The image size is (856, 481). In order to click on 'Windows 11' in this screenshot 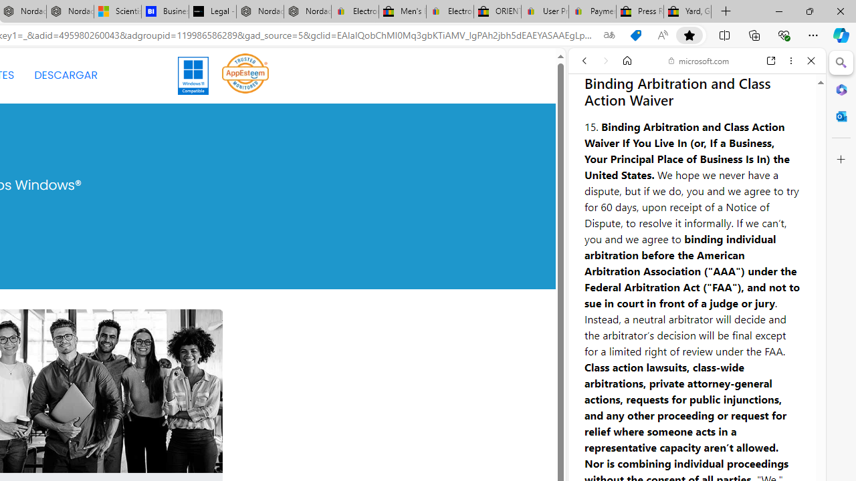, I will do `click(193, 75)`.